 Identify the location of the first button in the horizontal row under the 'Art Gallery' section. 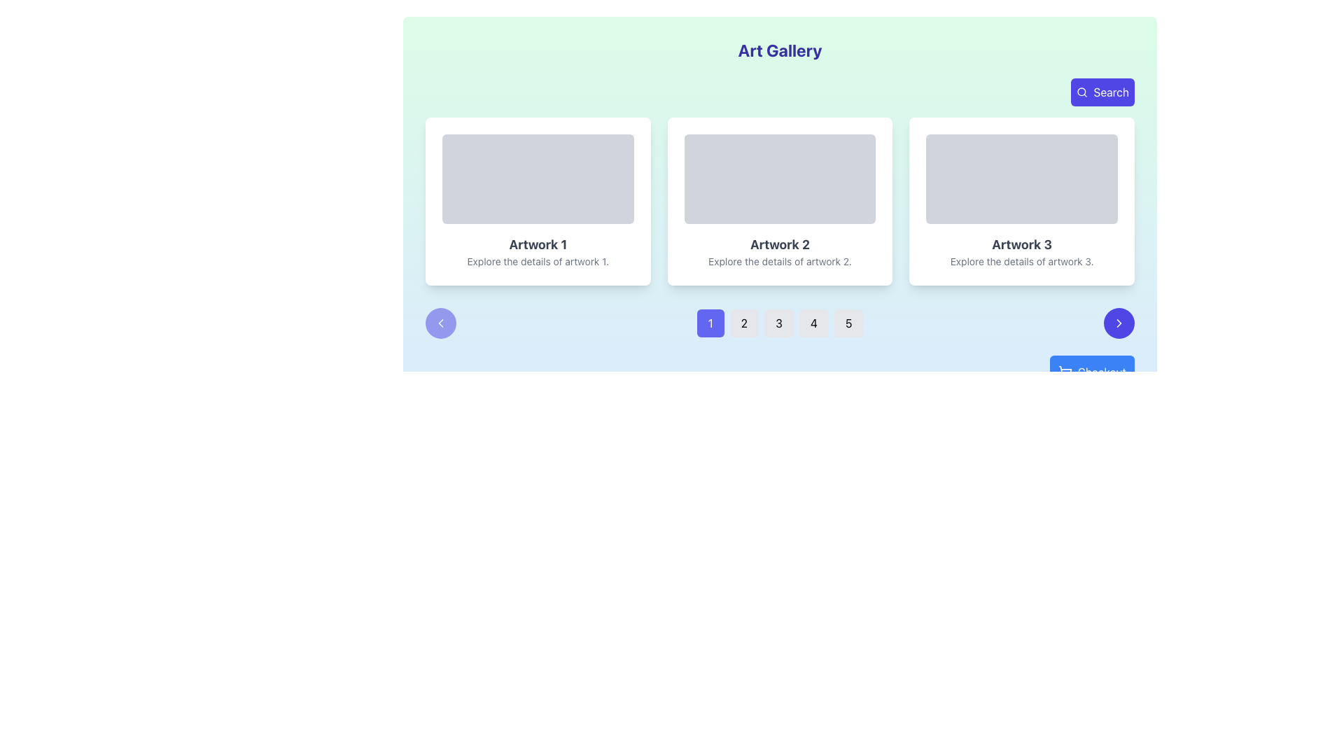
(710, 323).